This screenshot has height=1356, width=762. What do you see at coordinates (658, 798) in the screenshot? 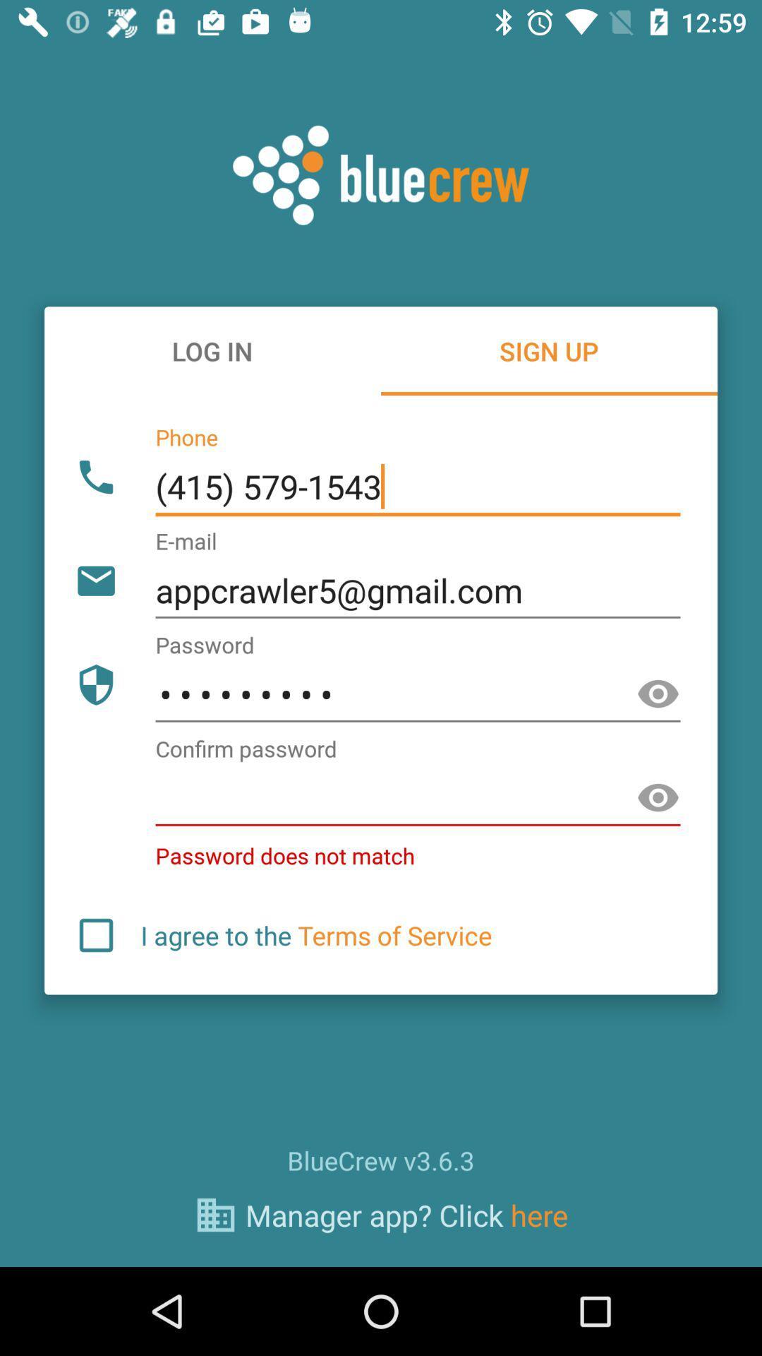
I see `seen the option` at bounding box center [658, 798].